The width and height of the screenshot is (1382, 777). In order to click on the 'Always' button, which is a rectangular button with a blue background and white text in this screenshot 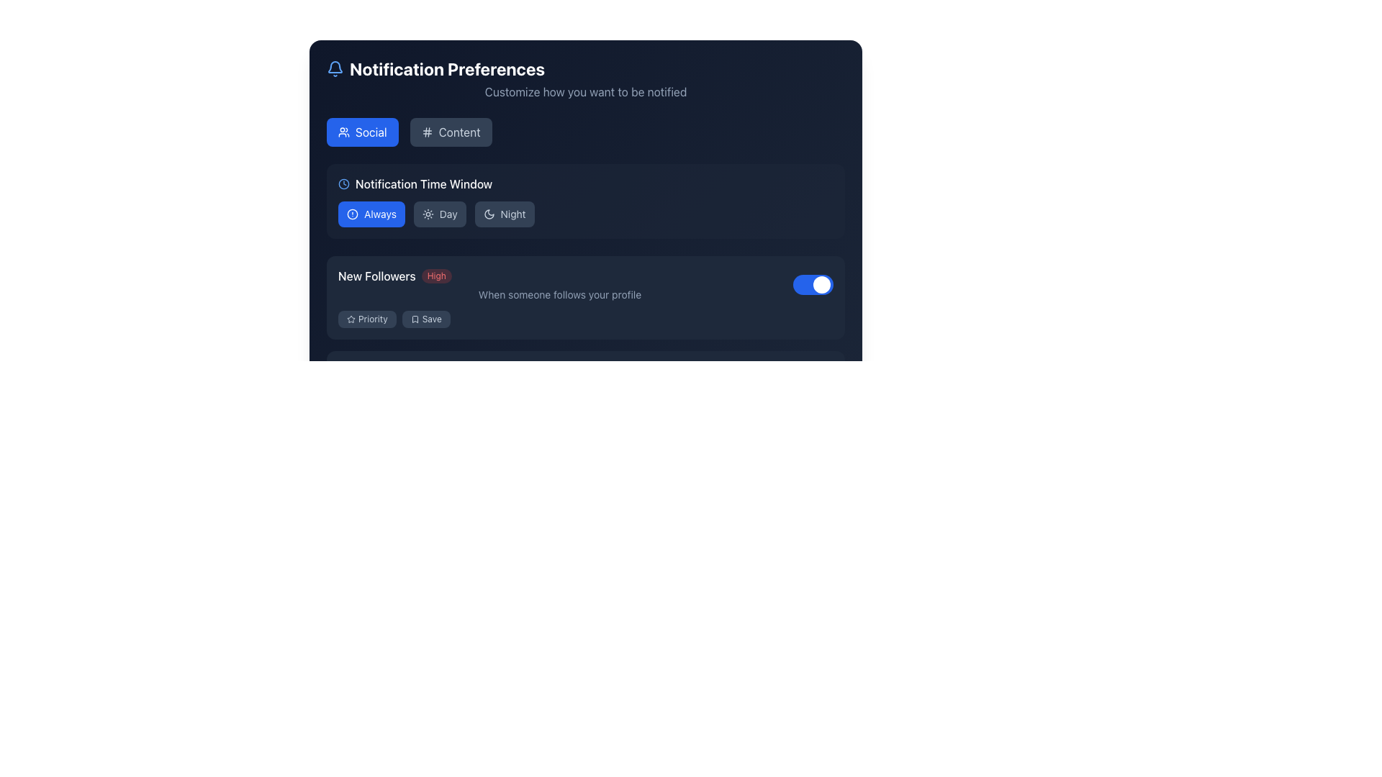, I will do `click(371, 214)`.